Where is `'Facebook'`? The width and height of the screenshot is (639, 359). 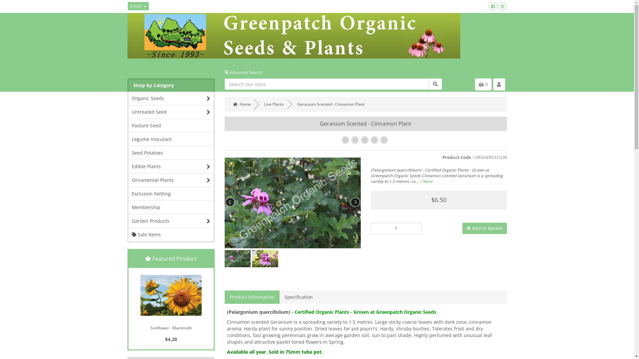 'Facebook' is located at coordinates (493, 6).